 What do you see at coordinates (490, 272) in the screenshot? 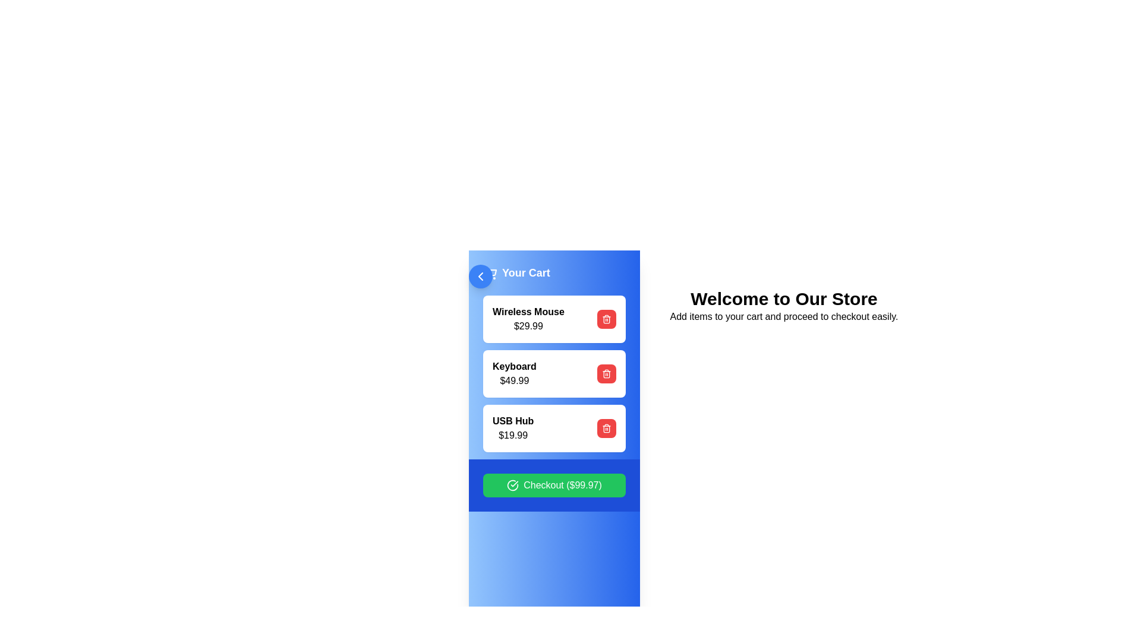
I see `shopping cart icon located adjacent to the text 'Your Cart' in the sidebar layout` at bounding box center [490, 272].